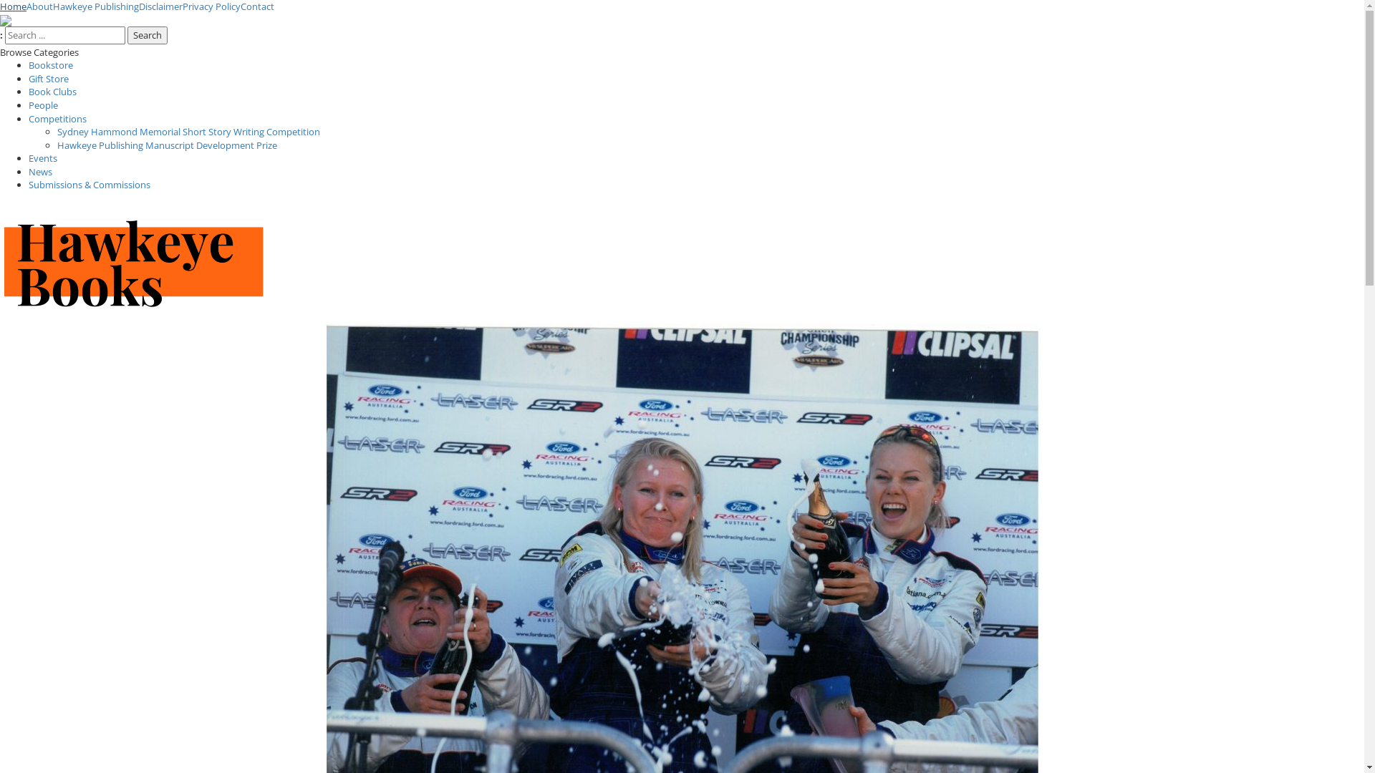 This screenshot has height=773, width=1375. Describe the element at coordinates (95, 6) in the screenshot. I see `'Hawkeye Publishing'` at that location.